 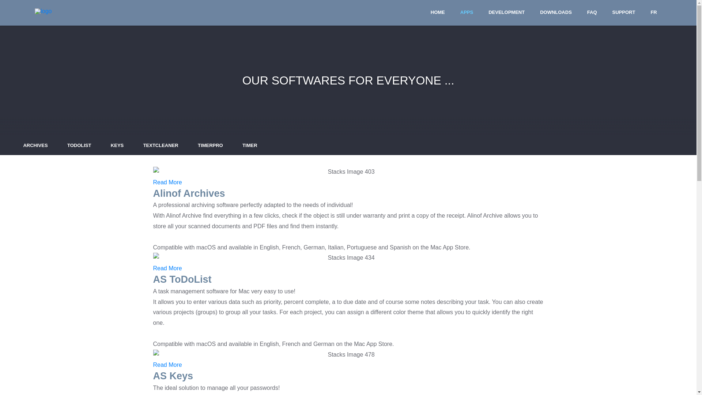 I want to click on 'KEYS', so click(x=117, y=145).